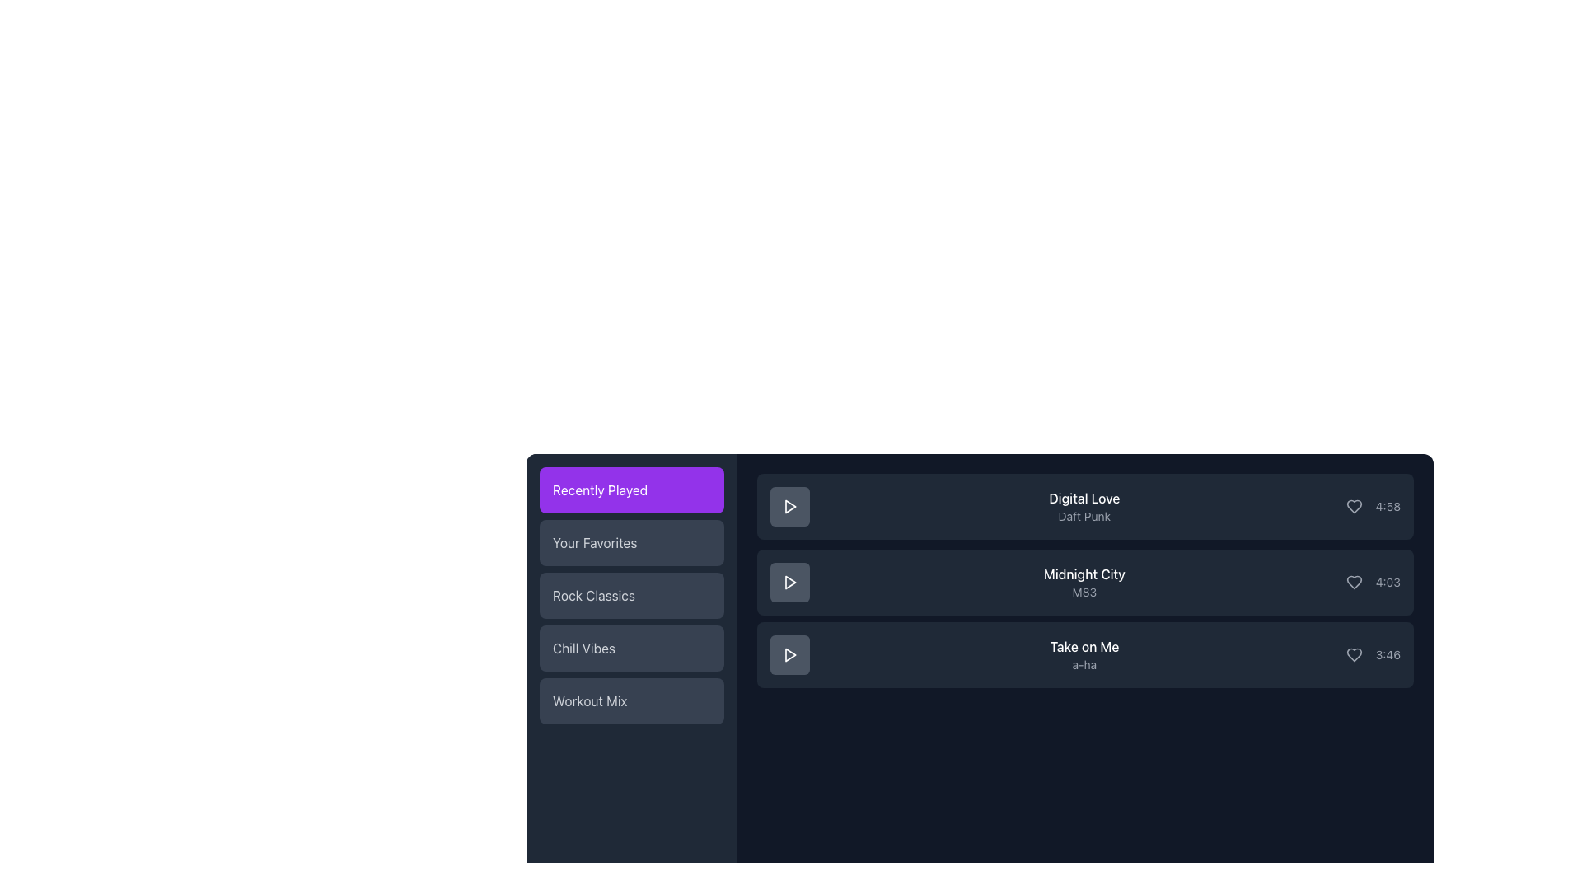 The width and height of the screenshot is (1582, 890). Describe the element at coordinates (631, 701) in the screenshot. I see `the 'Workout Mix' button located at the bottom of the navigation menu` at that location.